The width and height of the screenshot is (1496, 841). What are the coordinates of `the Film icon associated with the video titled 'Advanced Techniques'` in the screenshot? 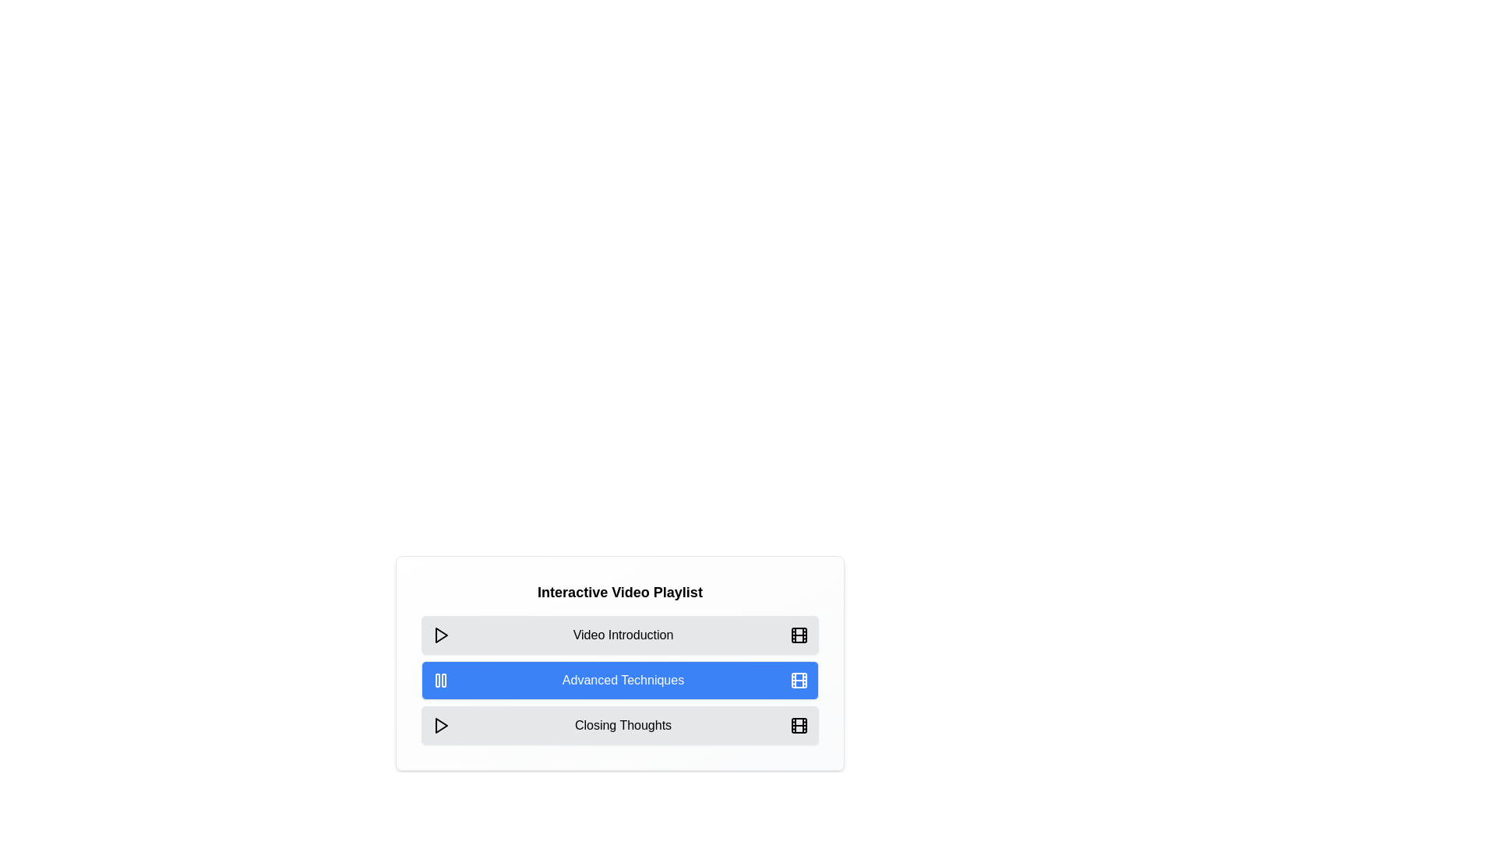 It's located at (799, 680).